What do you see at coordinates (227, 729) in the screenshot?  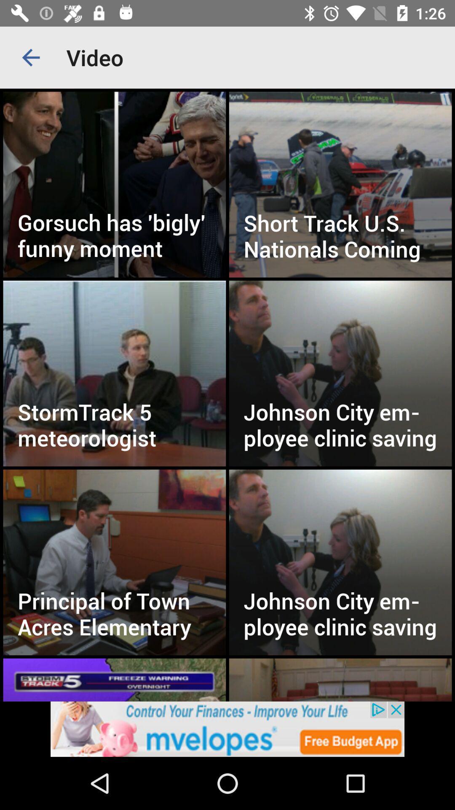 I see `open advertisement` at bounding box center [227, 729].